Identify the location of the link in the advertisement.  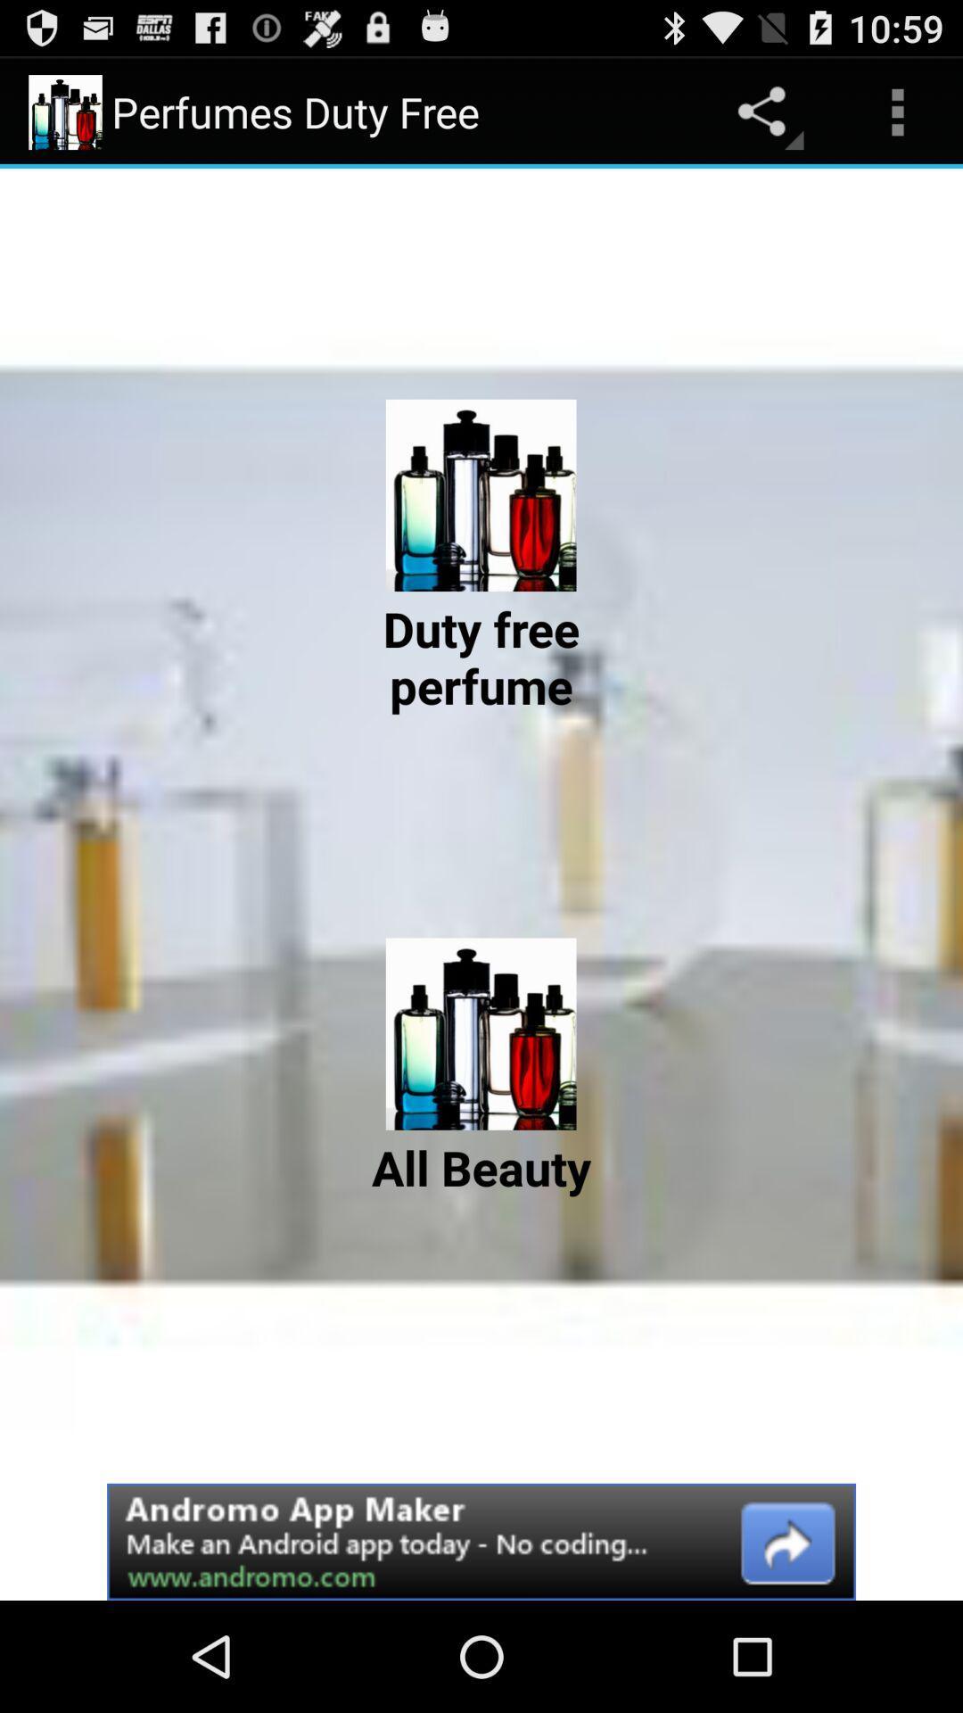
(481, 1541).